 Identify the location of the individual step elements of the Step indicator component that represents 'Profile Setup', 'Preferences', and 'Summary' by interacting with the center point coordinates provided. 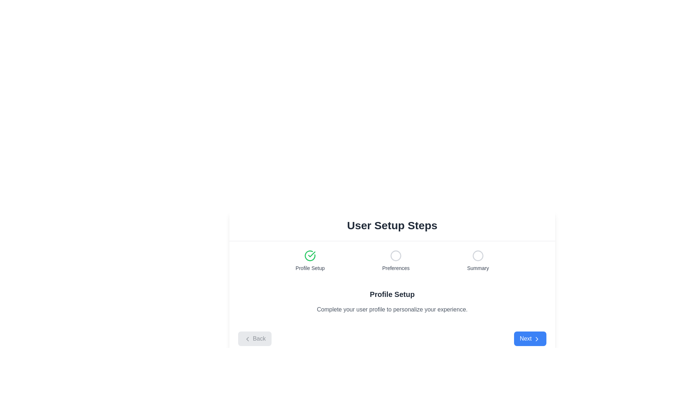
(392, 261).